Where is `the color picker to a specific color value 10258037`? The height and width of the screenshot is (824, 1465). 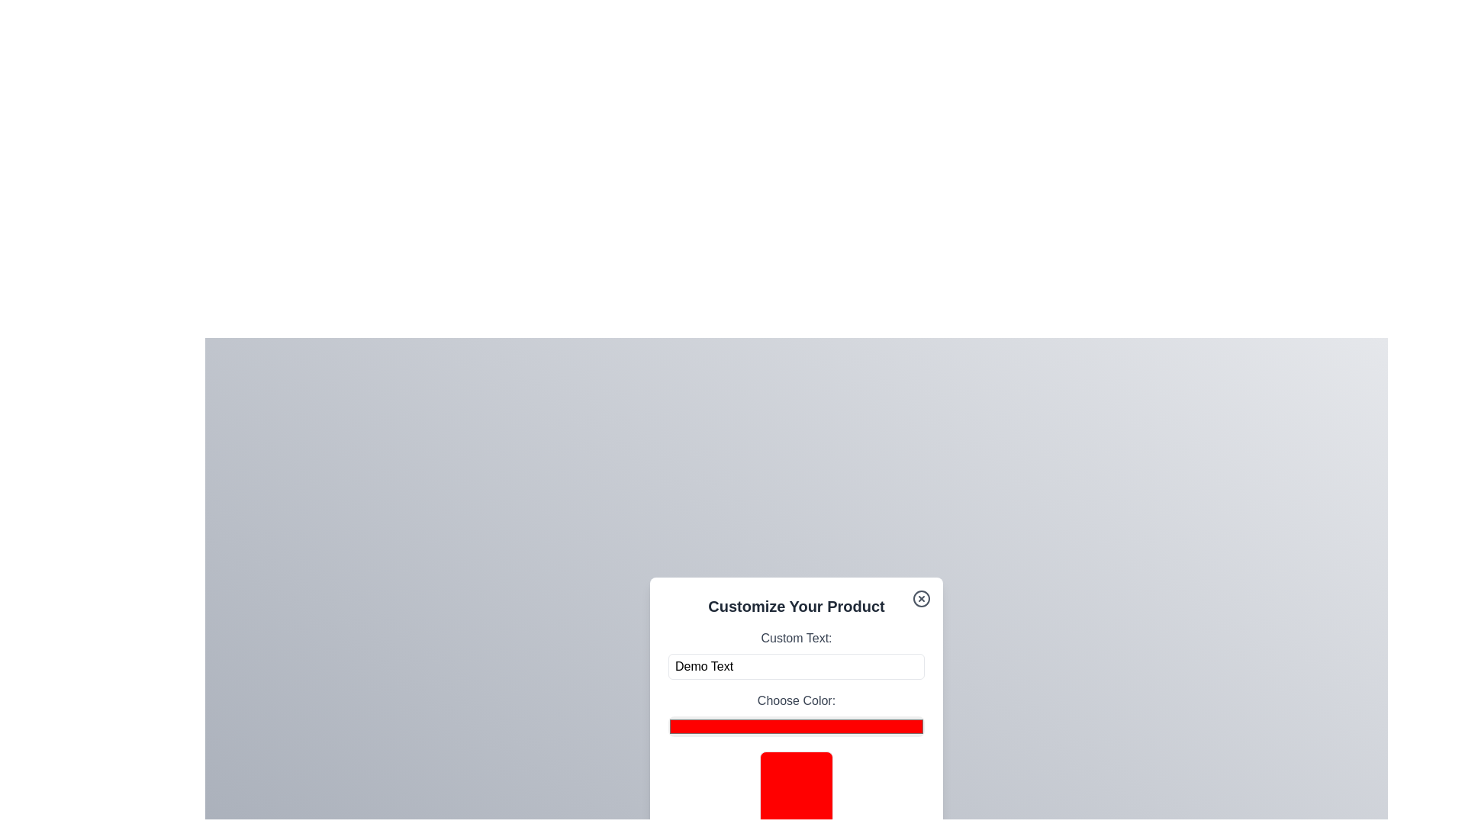
the color picker to a specific color value 10258037 is located at coordinates (795, 726).